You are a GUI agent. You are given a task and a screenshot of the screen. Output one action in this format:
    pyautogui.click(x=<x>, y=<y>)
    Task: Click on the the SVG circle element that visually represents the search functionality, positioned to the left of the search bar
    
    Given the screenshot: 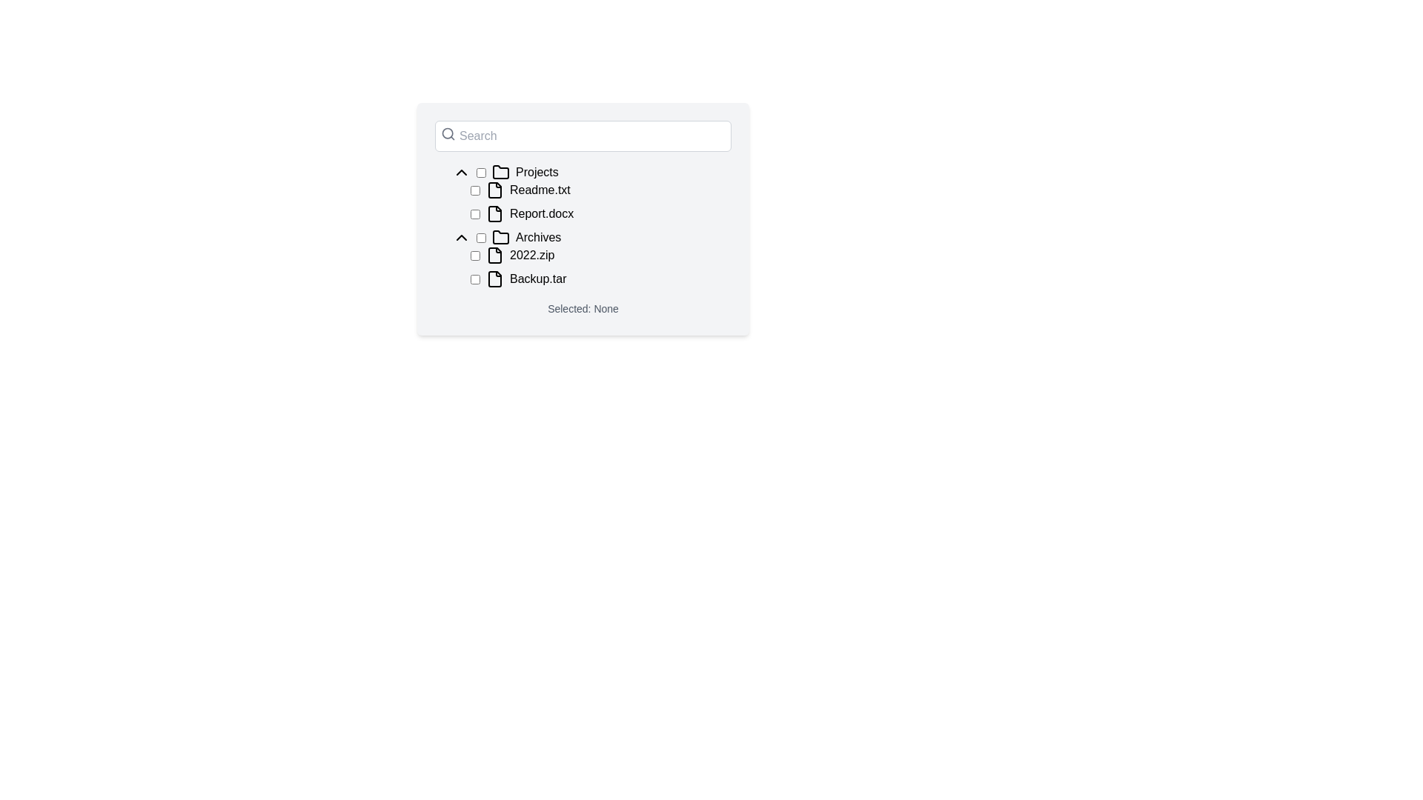 What is the action you would take?
    pyautogui.click(x=447, y=133)
    